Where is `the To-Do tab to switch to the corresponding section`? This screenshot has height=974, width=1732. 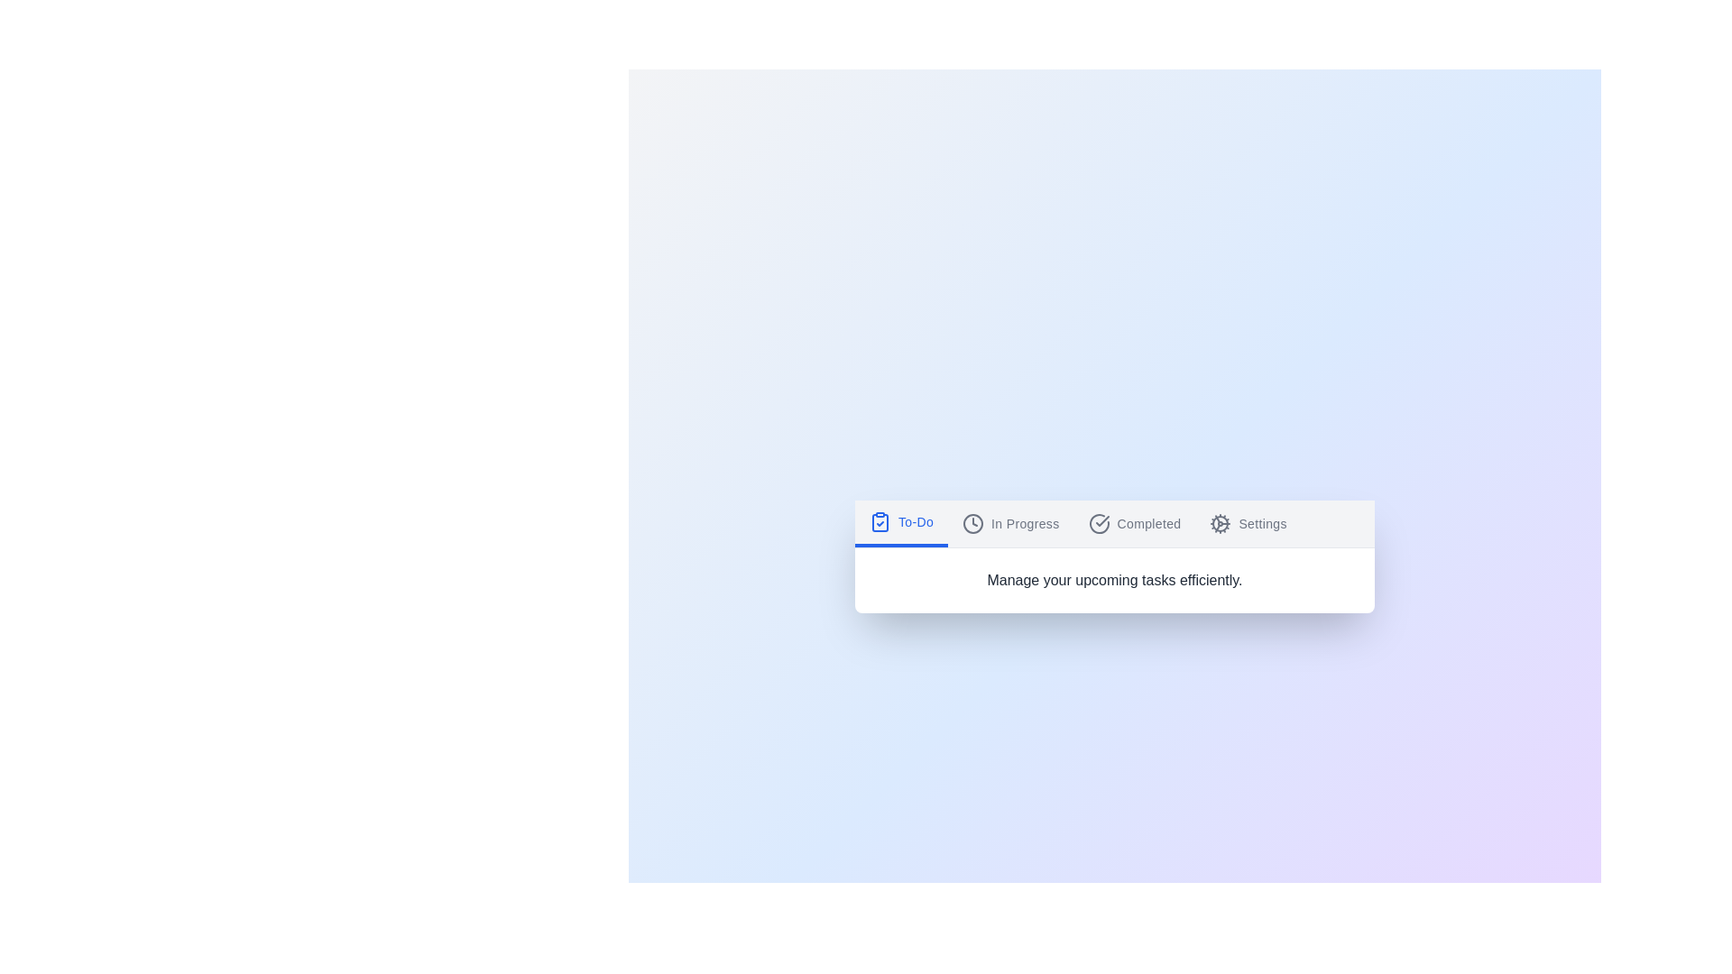 the To-Do tab to switch to the corresponding section is located at coordinates (901, 523).